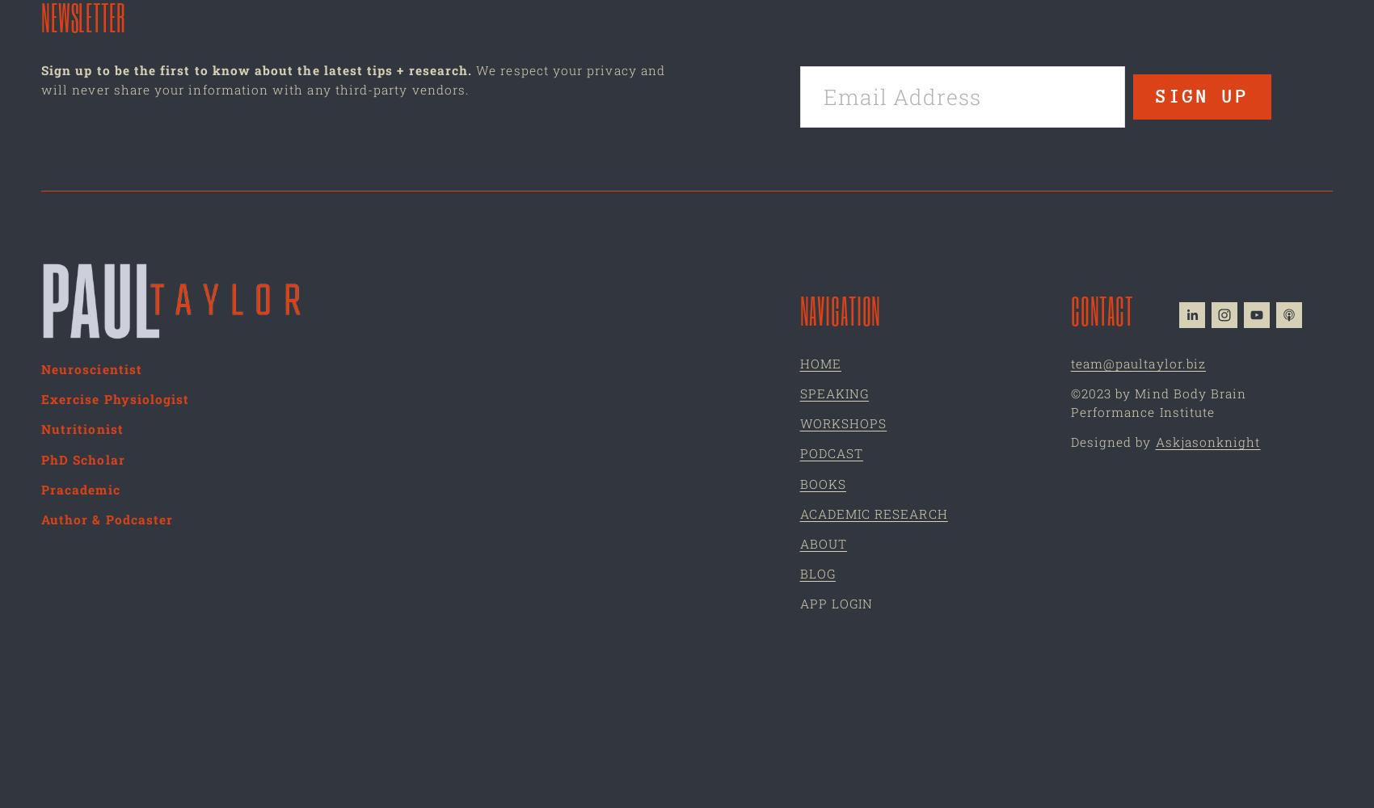 The height and width of the screenshot is (808, 1374). Describe the element at coordinates (1112, 442) in the screenshot. I see `'Designed by'` at that location.